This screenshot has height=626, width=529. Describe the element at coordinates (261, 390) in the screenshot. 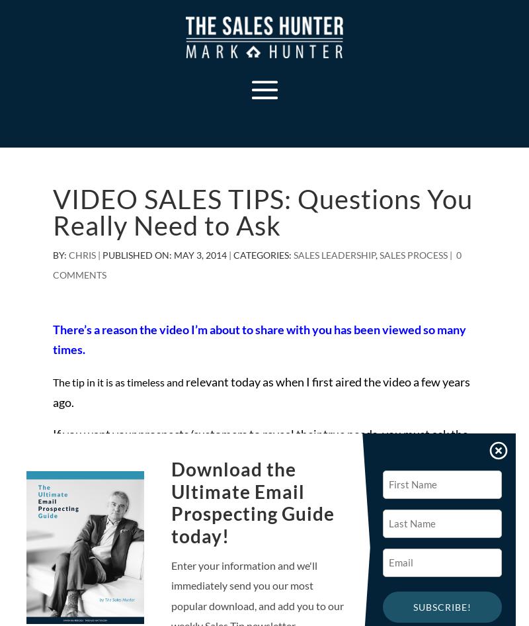

I see `'relevant today as when I first aired the video a few years ago.'` at that location.